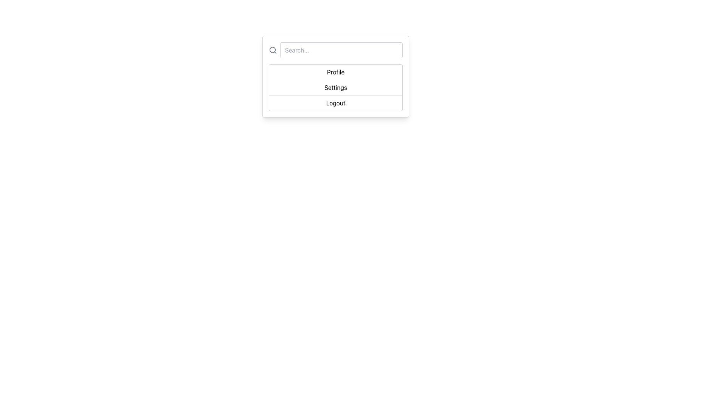 The width and height of the screenshot is (726, 408). Describe the element at coordinates (341, 50) in the screenshot. I see `the search input box with placeholder 'Search...' by tabbing to it` at that location.